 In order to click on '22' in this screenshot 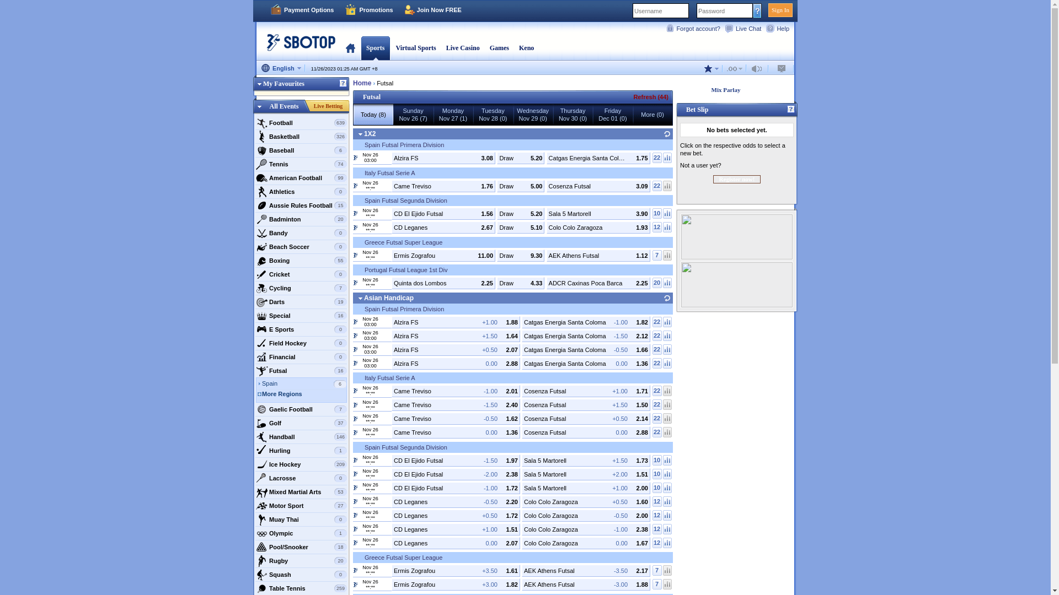, I will do `click(657, 349)`.